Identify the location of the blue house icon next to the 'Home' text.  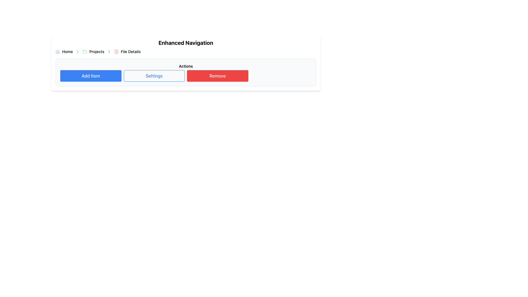
(58, 52).